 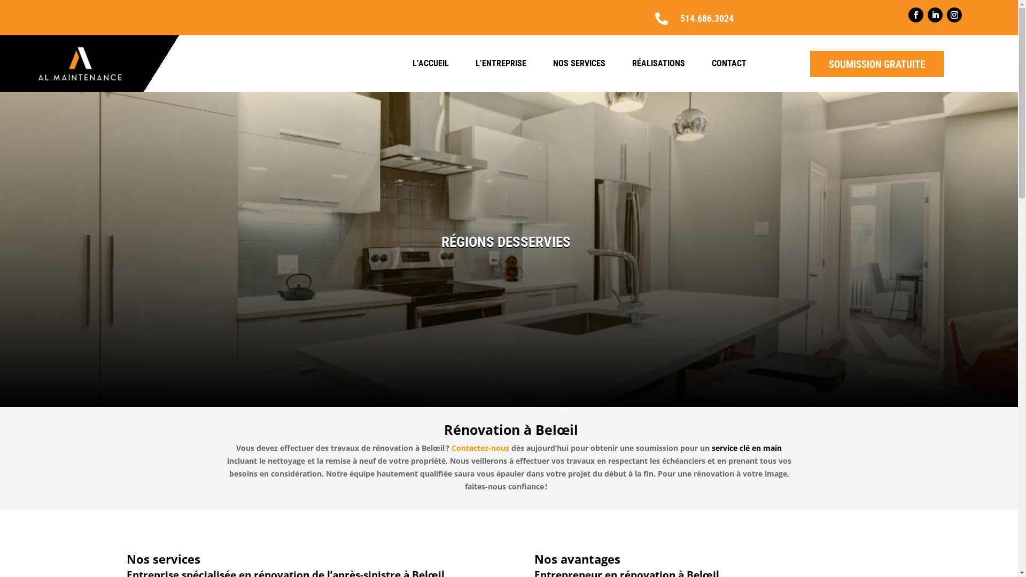 I want to click on '514.686.3024', so click(x=707, y=18).